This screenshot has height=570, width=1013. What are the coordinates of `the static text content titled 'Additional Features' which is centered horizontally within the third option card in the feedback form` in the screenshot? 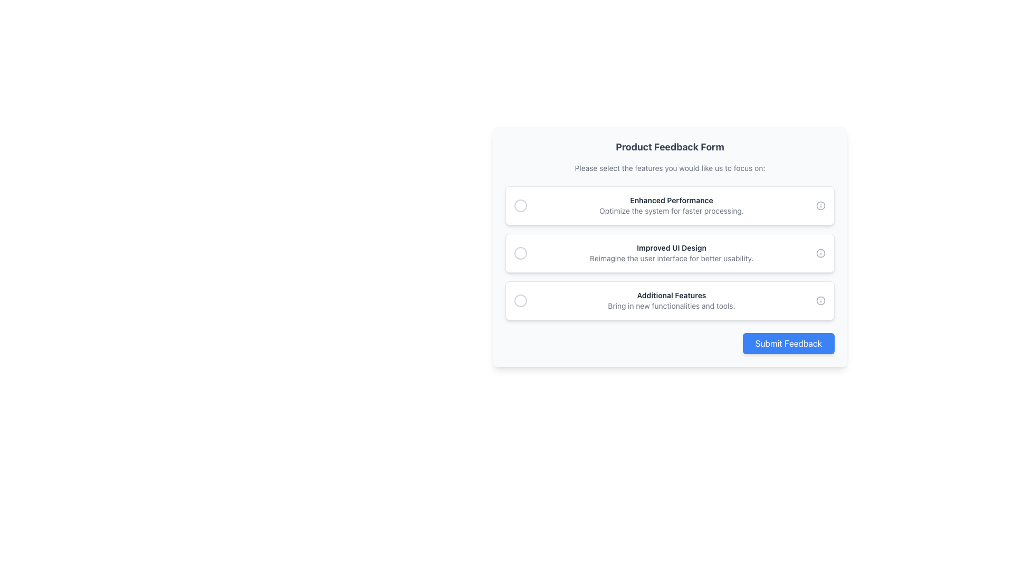 It's located at (671, 301).